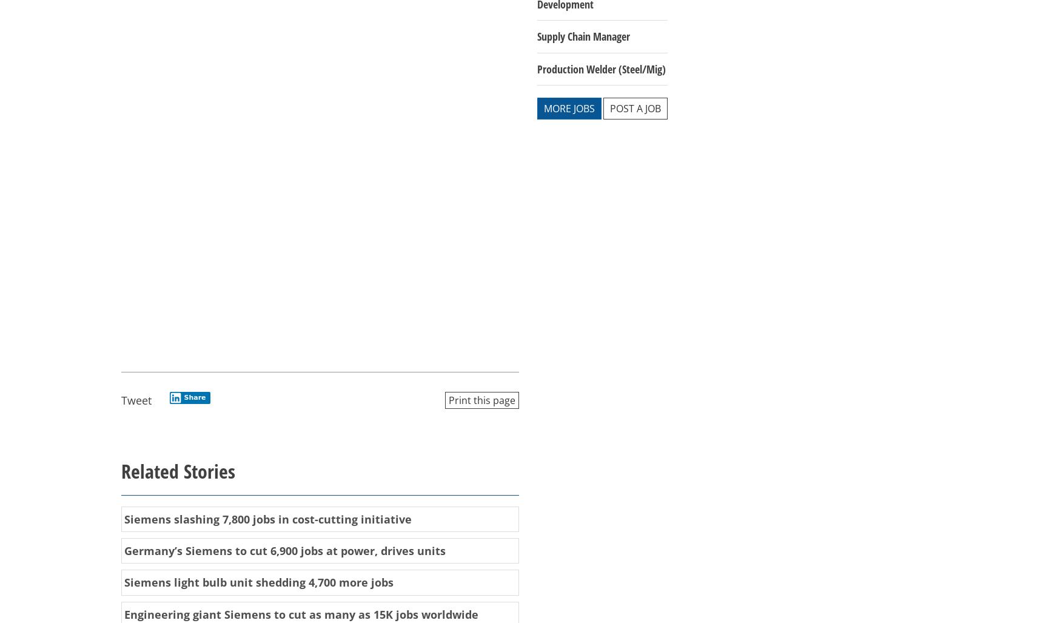 The height and width of the screenshot is (623, 1046). I want to click on 'Tweet', so click(136, 399).